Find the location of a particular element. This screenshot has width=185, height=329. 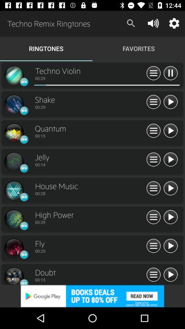

music is located at coordinates (153, 160).